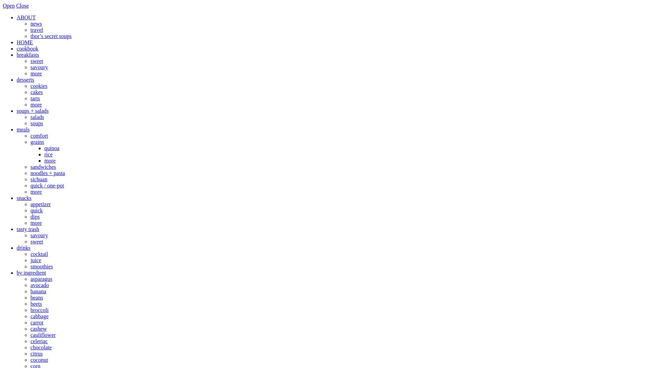  I want to click on 'asparagus', so click(41, 279).